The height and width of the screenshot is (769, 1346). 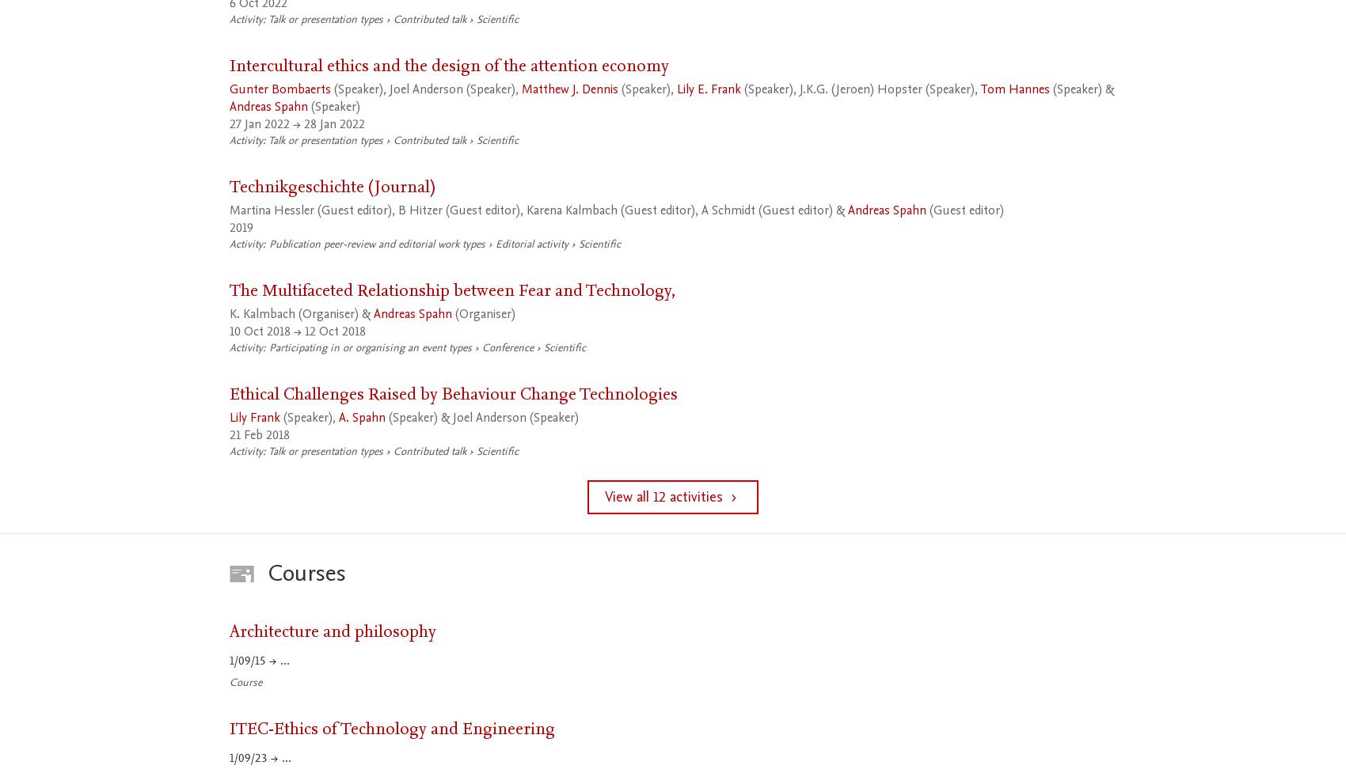 I want to click on '27 Jan 2022', so click(x=258, y=123).